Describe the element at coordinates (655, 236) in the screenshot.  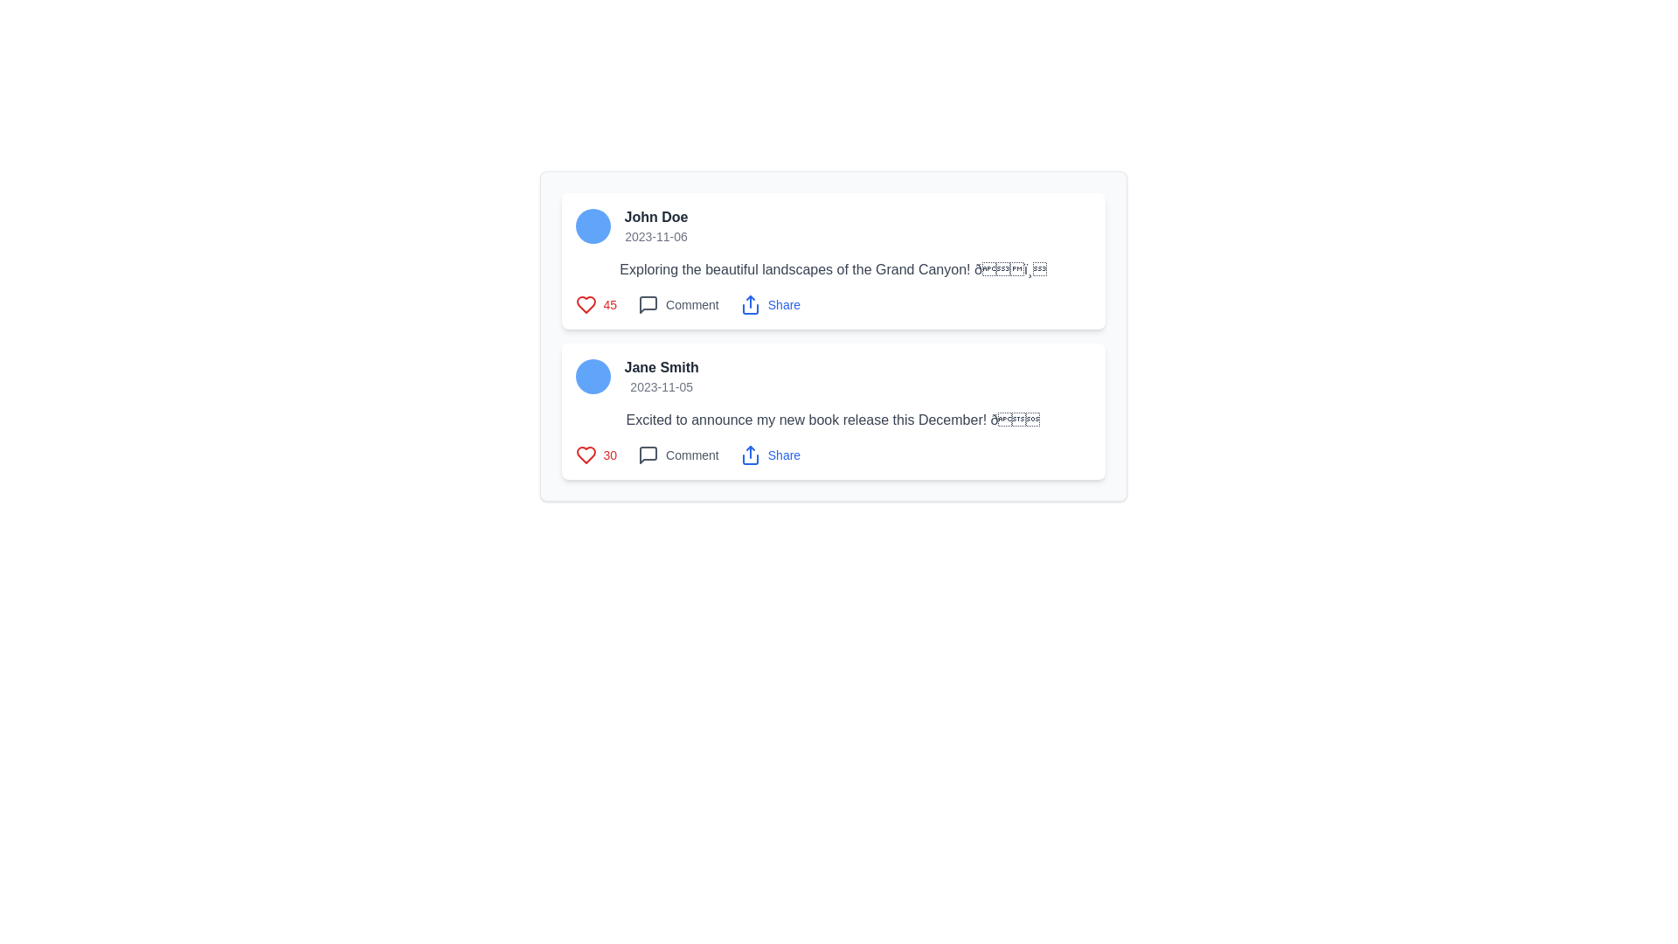
I see `the static text label that displays the date associated with the post or comment, located below the name 'John Doe' in the uppermost comment box` at that location.